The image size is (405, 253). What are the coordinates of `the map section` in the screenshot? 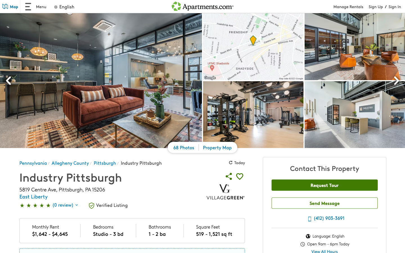 It's located at (7, 7).